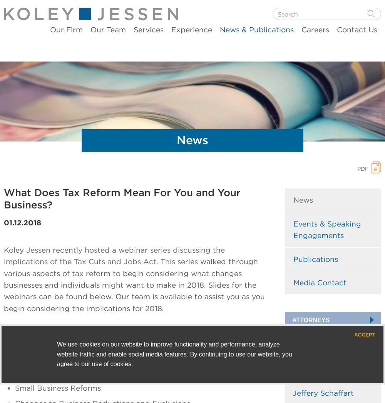 The height and width of the screenshot is (403, 385). I want to click on 'What Does Tax Reform Mean For You and Your Business?', so click(122, 198).